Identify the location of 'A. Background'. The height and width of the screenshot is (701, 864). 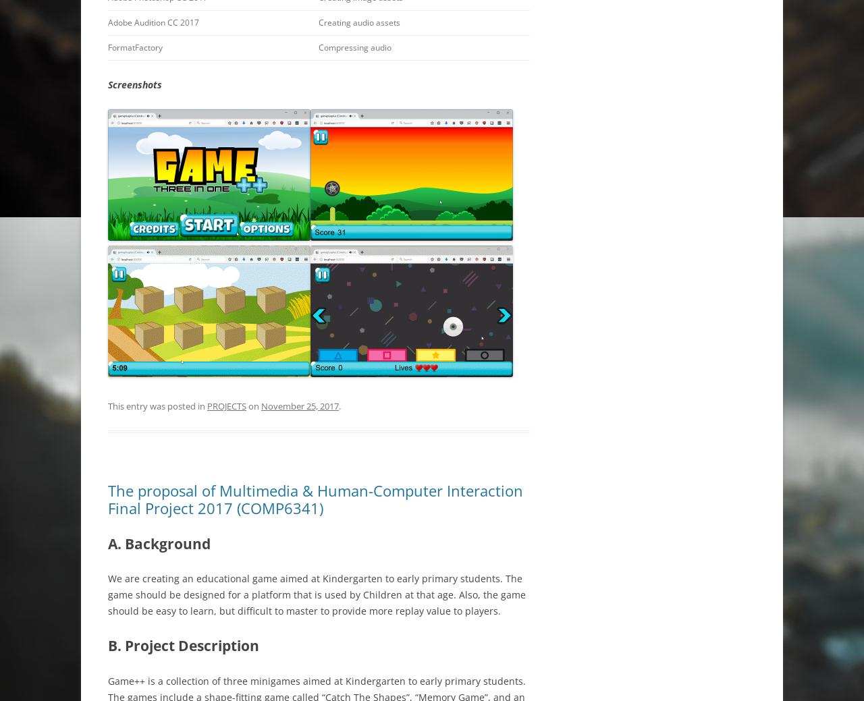
(108, 542).